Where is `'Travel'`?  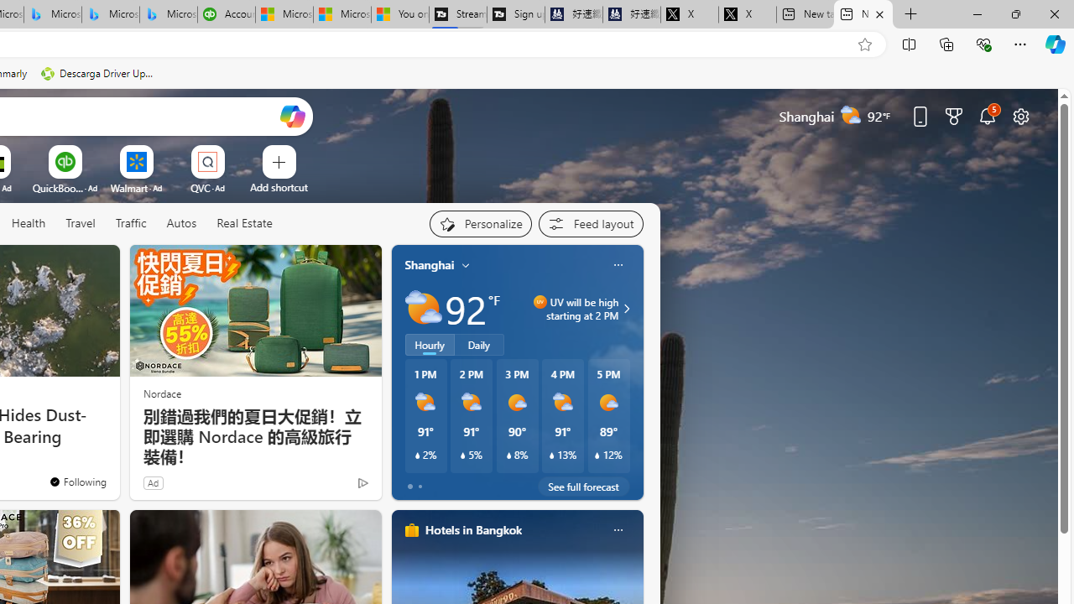
'Travel' is located at coordinates (80, 223).